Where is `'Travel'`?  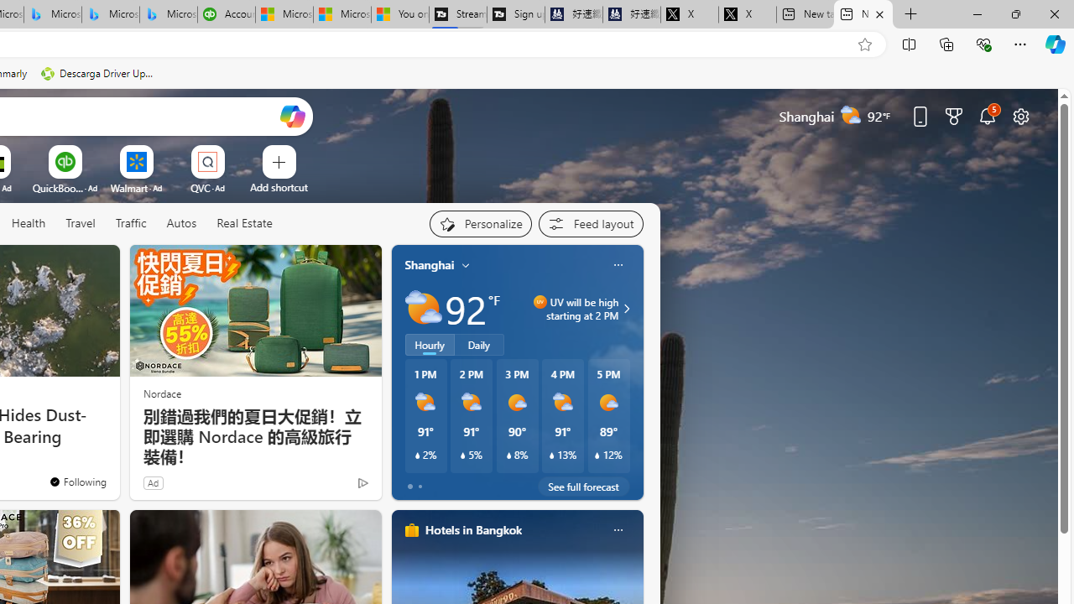
'Travel' is located at coordinates (80, 223).